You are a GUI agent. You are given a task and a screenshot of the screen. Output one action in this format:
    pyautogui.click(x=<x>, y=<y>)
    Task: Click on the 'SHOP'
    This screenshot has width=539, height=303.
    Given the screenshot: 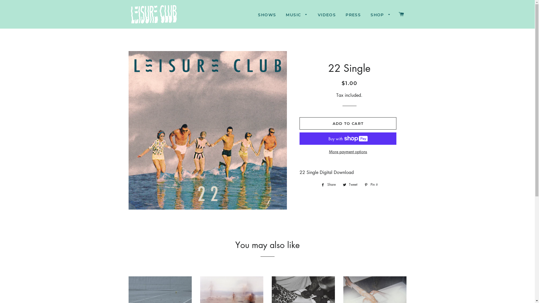 What is the action you would take?
    pyautogui.click(x=381, y=15)
    